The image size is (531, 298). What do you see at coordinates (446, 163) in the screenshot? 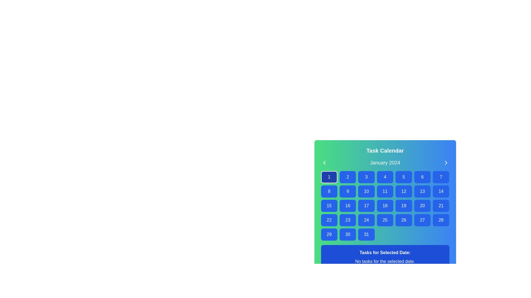
I see `the rightward chevron button adjacent to the 'January 2024' calendar title` at bounding box center [446, 163].